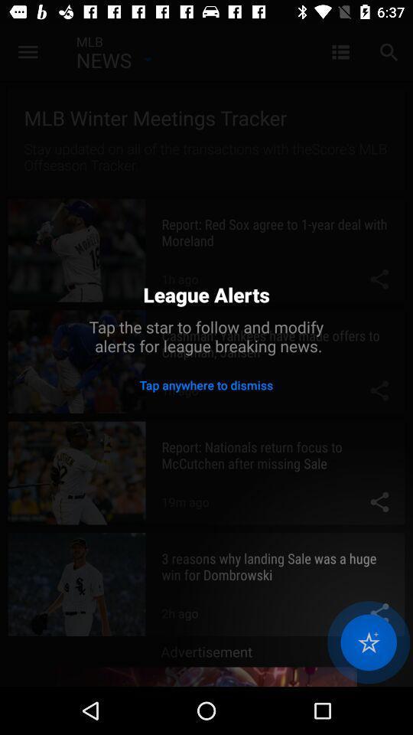 This screenshot has width=413, height=735. I want to click on the star icon, so click(368, 642).